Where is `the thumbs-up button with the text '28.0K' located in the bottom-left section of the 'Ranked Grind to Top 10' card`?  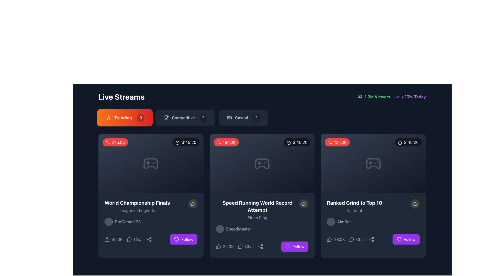
the thumbs-up button with the text '28.0K' located in the bottom-left section of the 'Ranked Grind to Top 10' card is located at coordinates (336, 239).